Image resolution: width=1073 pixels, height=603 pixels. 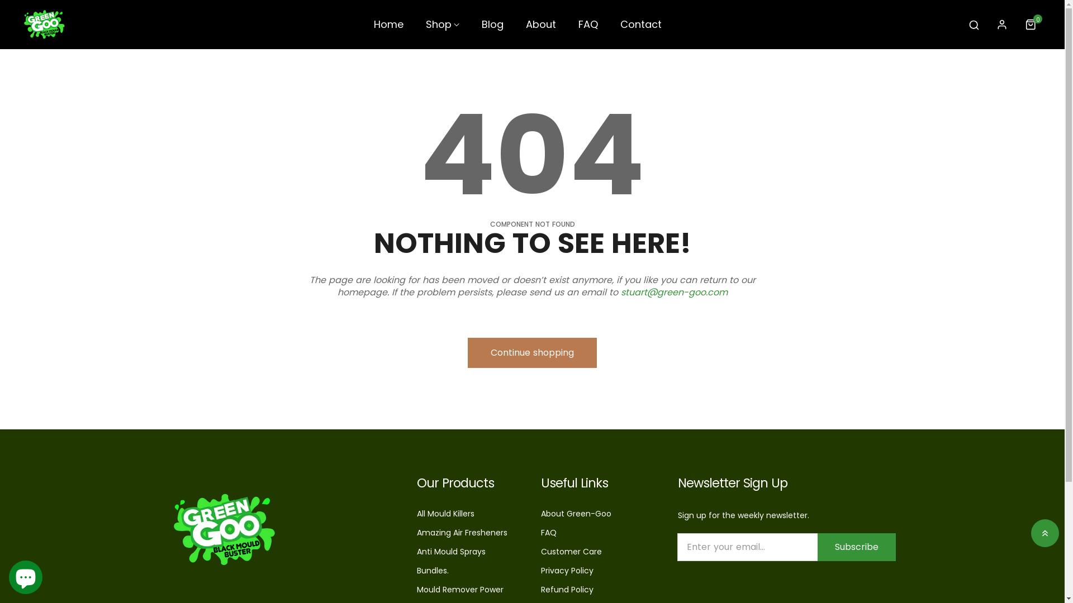 I want to click on '0', so click(x=1032, y=24).